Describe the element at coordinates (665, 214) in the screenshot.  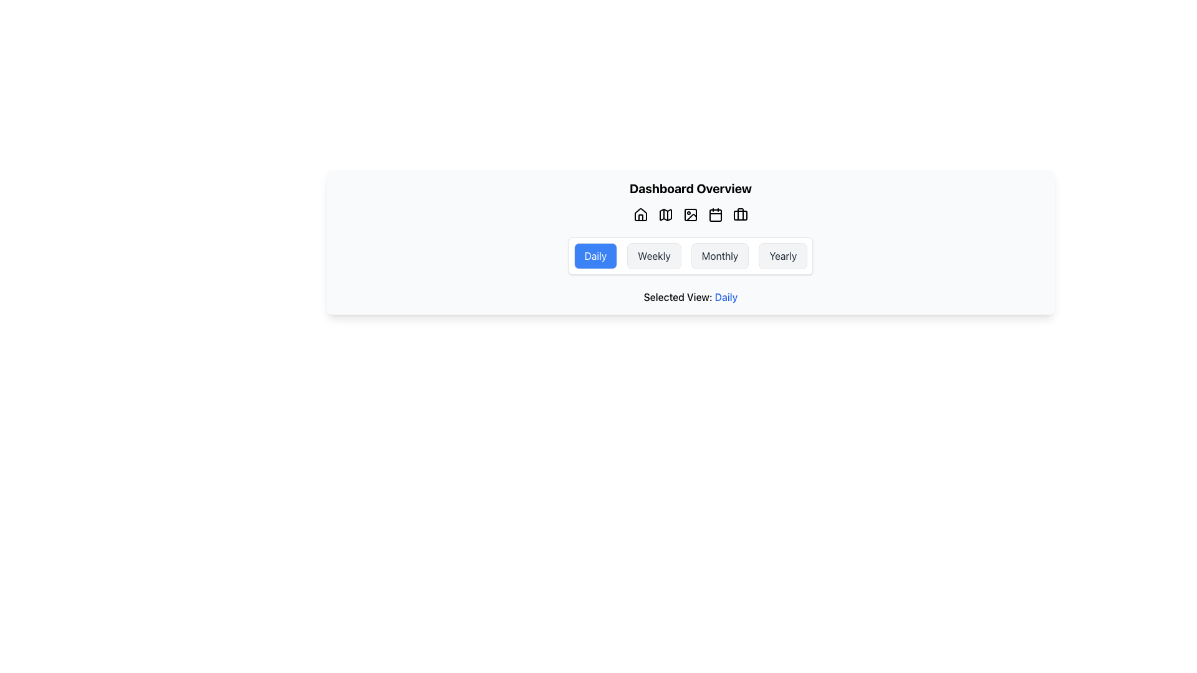
I see `the second icon in the row of navigation icons underneath the 'Dashboard Overview' title` at that location.